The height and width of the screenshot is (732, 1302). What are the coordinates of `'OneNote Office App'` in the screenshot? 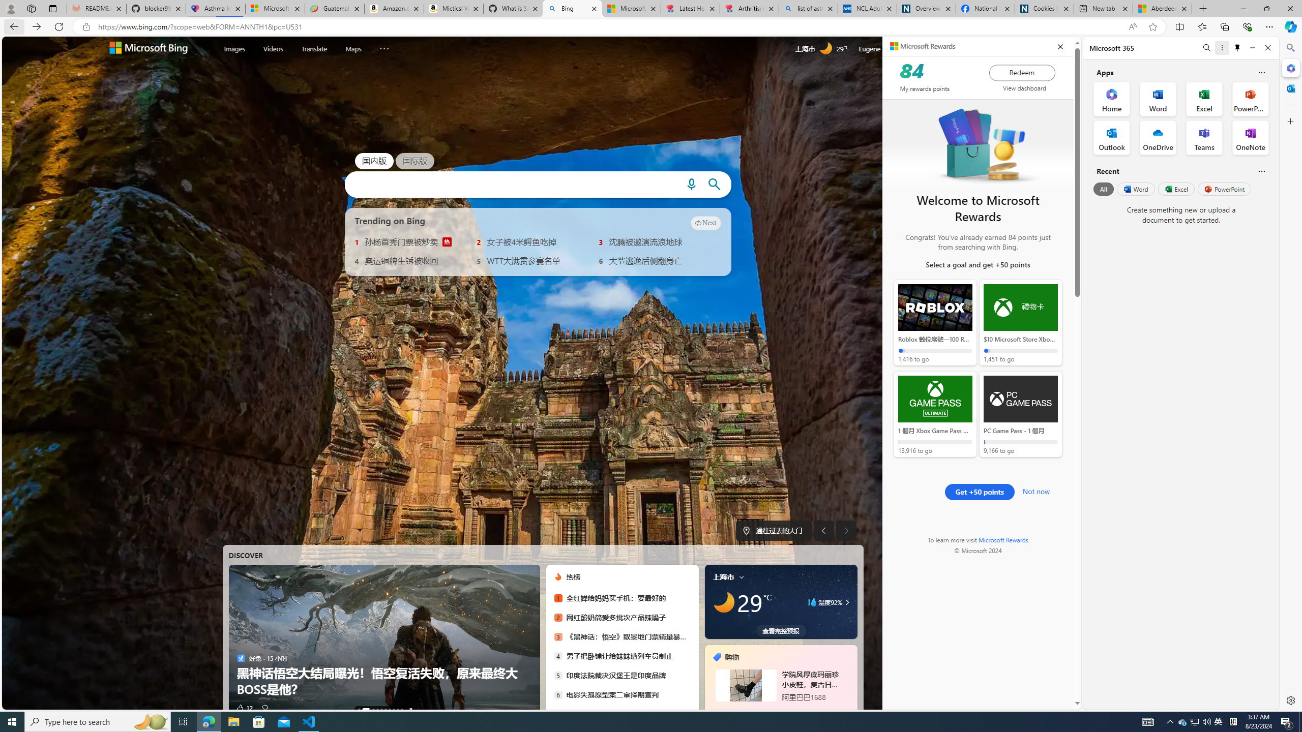 It's located at (1250, 138).